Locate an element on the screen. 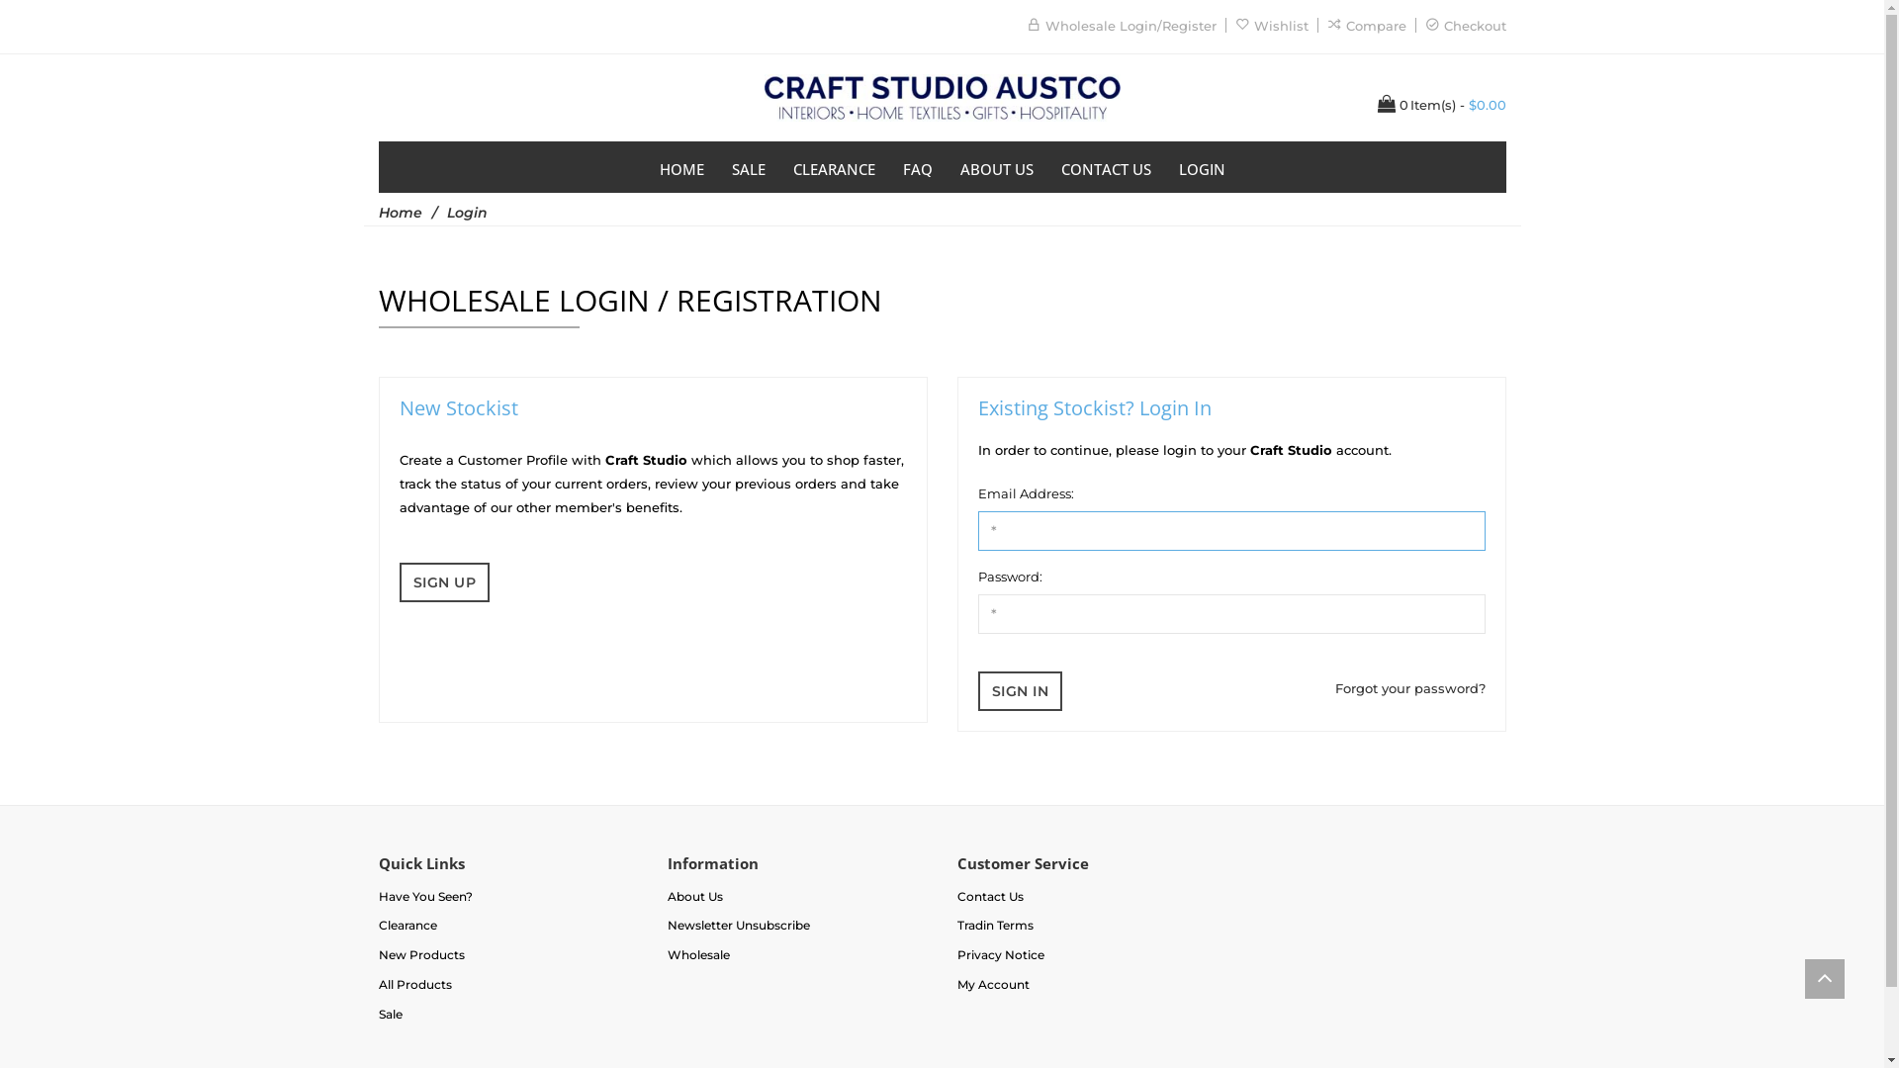 This screenshot has height=1068, width=1899. 'My Account' is located at coordinates (957, 984).